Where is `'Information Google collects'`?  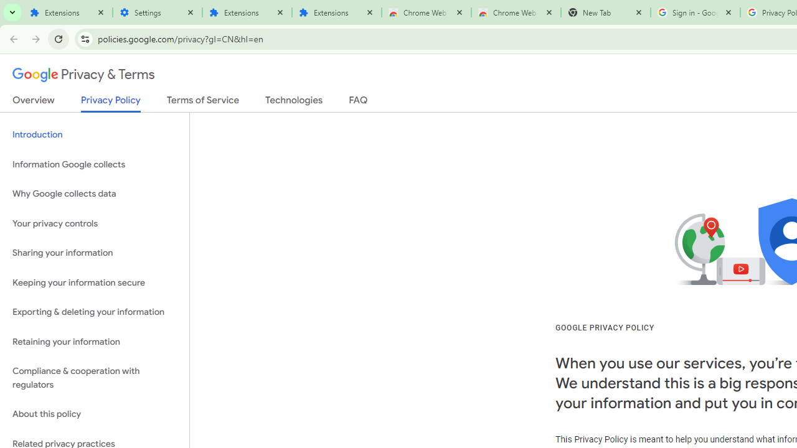 'Information Google collects' is located at coordinates (94, 164).